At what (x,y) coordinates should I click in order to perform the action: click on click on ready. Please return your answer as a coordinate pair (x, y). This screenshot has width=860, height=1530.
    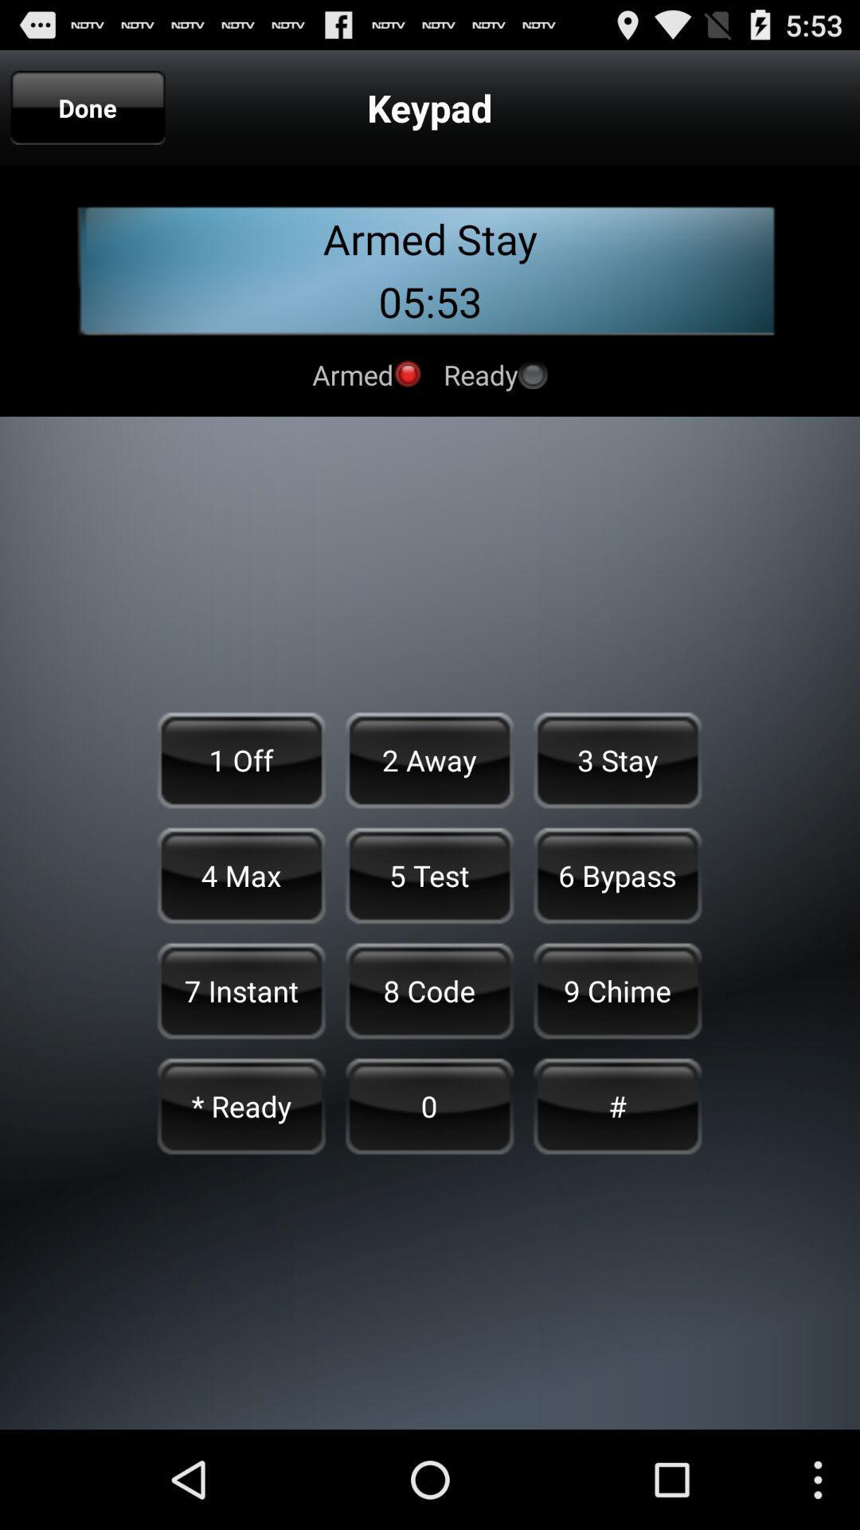
    Looking at the image, I should click on (533, 373).